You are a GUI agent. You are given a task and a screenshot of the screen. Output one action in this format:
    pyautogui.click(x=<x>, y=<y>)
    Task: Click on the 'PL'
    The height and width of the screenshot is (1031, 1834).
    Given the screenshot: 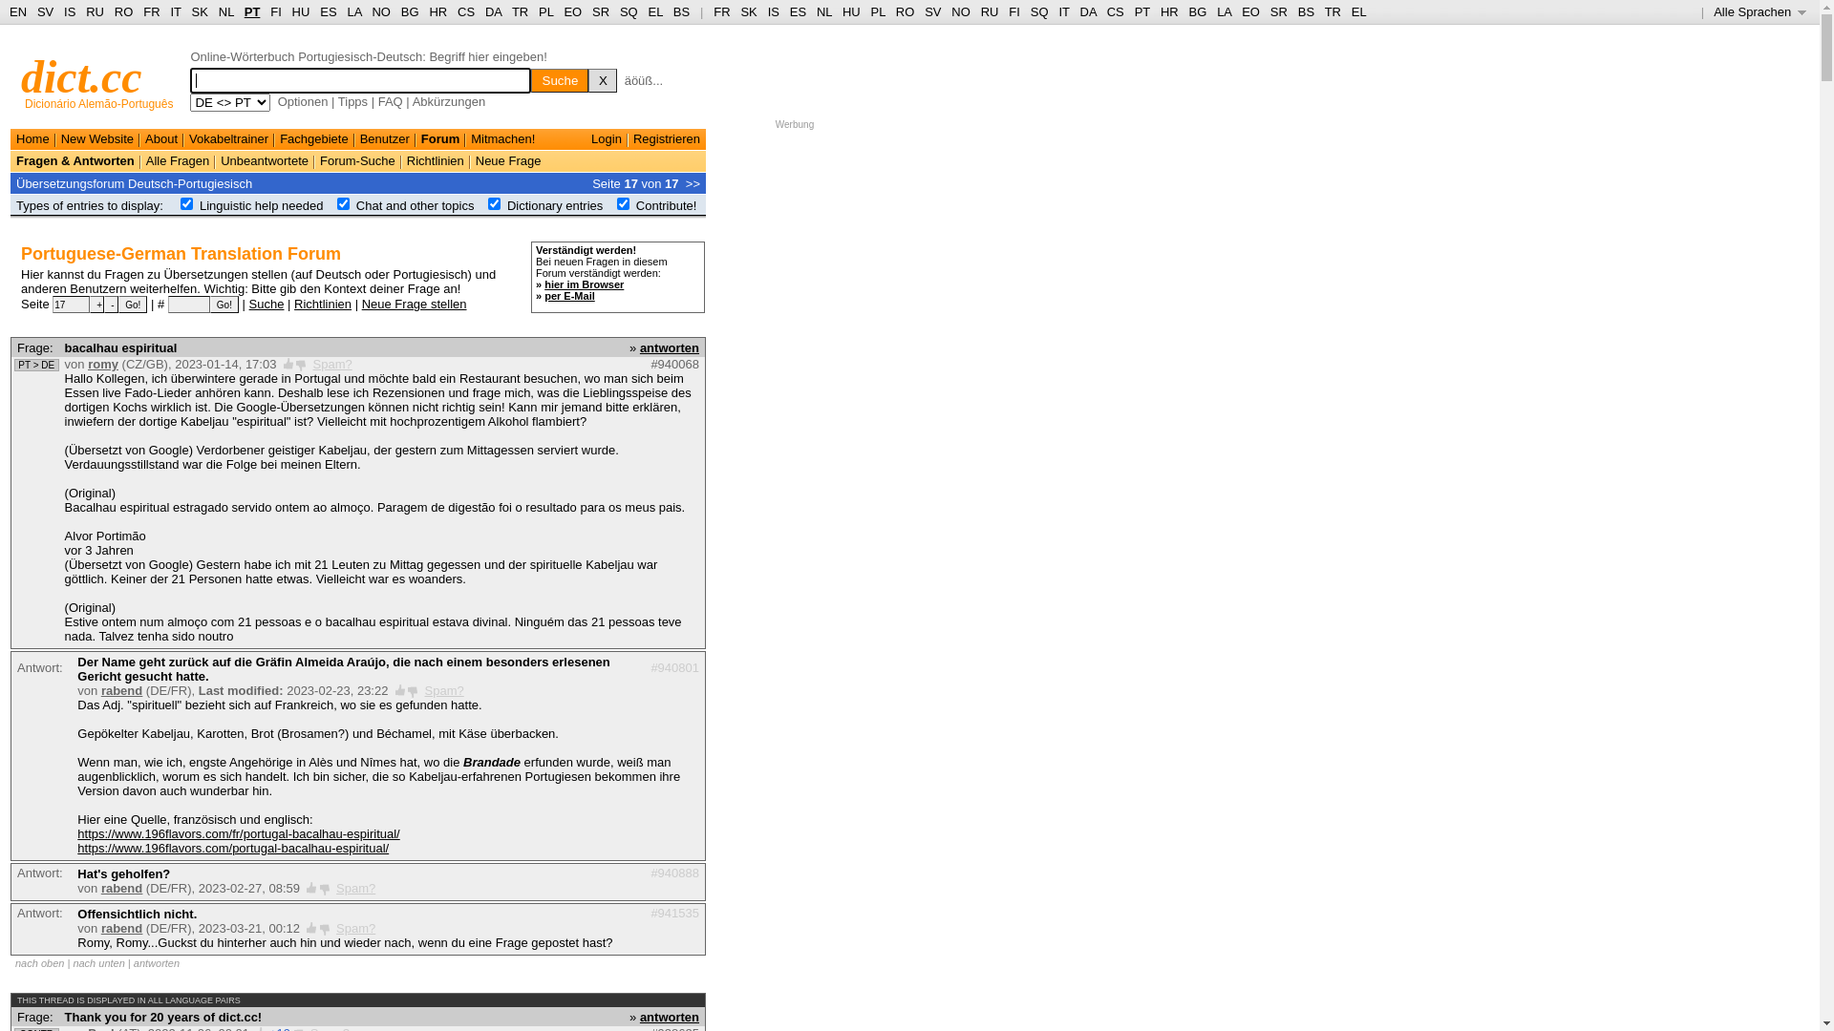 What is the action you would take?
    pyautogui.click(x=877, y=11)
    